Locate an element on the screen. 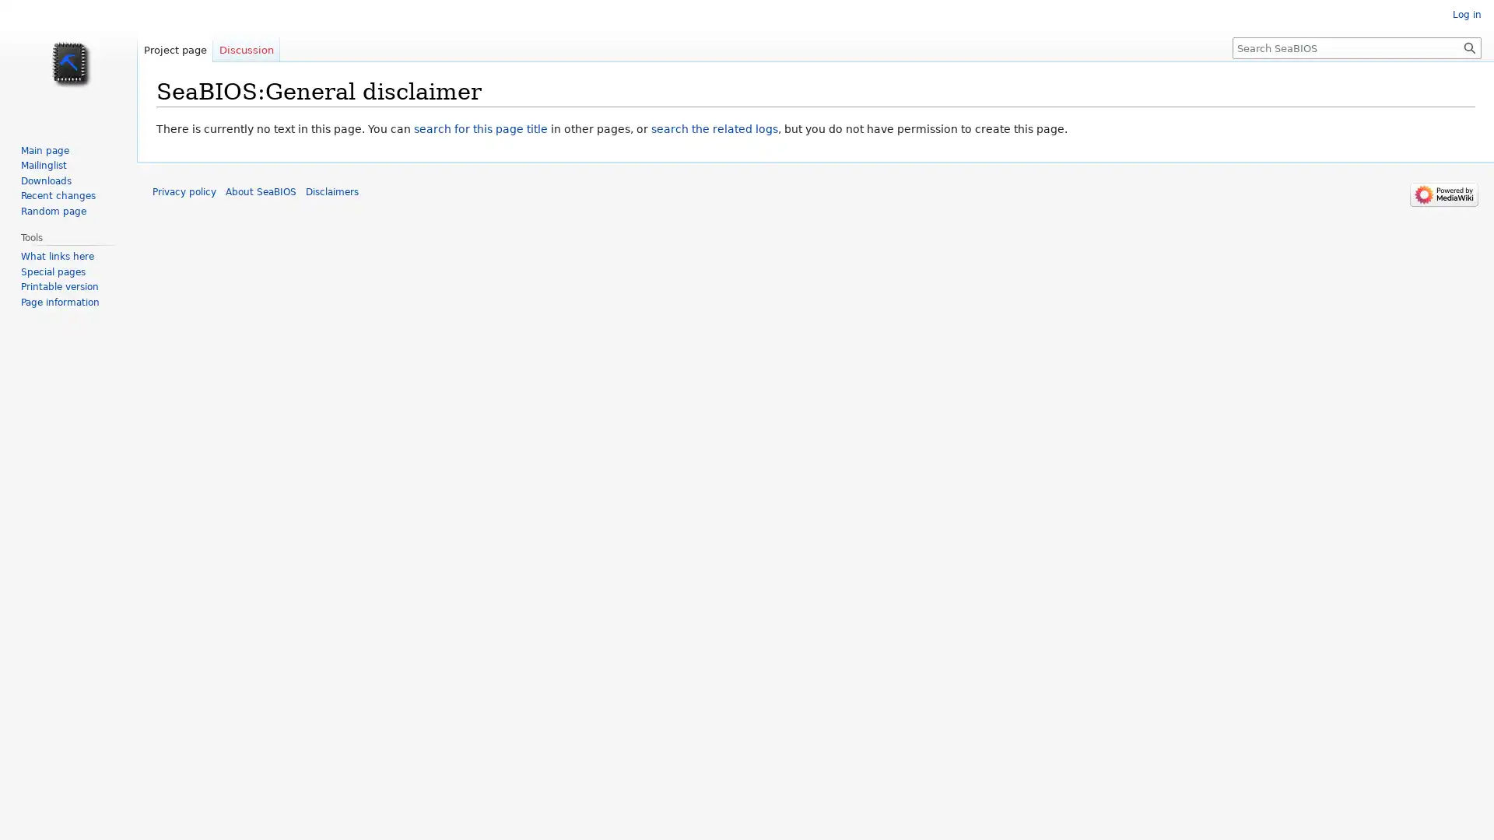 The image size is (1494, 840). Go is located at coordinates (1469, 47).